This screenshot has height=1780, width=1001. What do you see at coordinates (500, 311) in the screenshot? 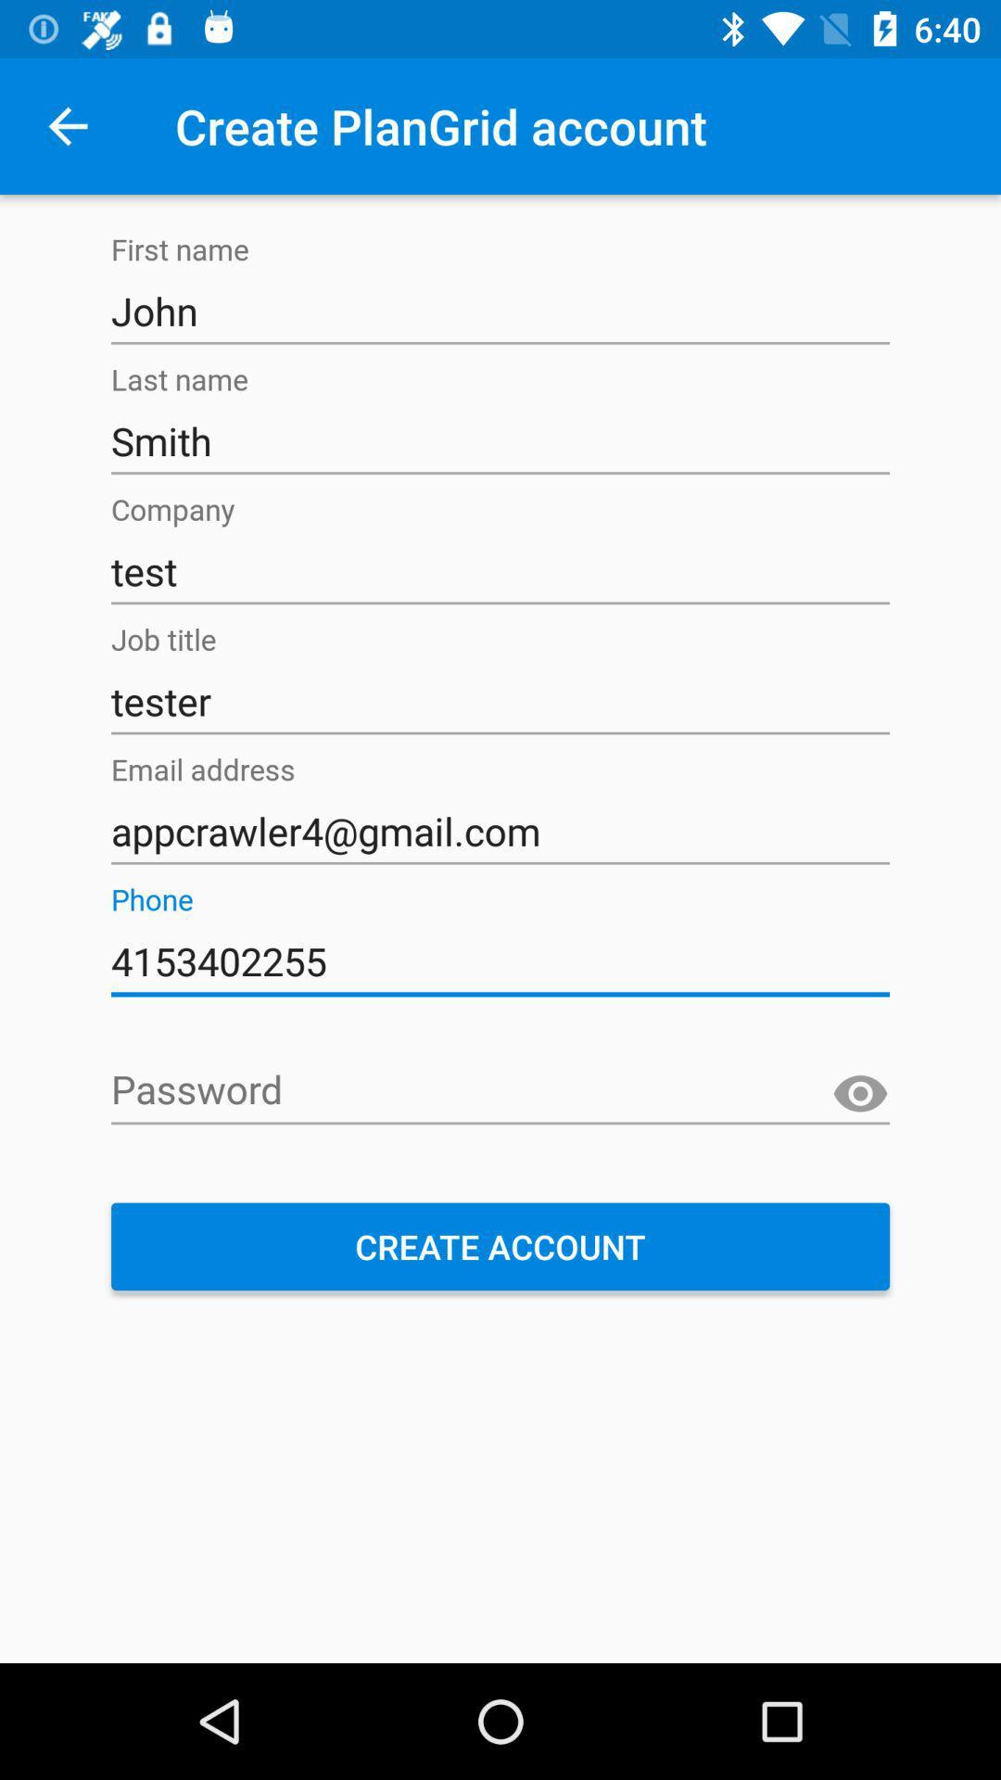
I see `the john` at bounding box center [500, 311].